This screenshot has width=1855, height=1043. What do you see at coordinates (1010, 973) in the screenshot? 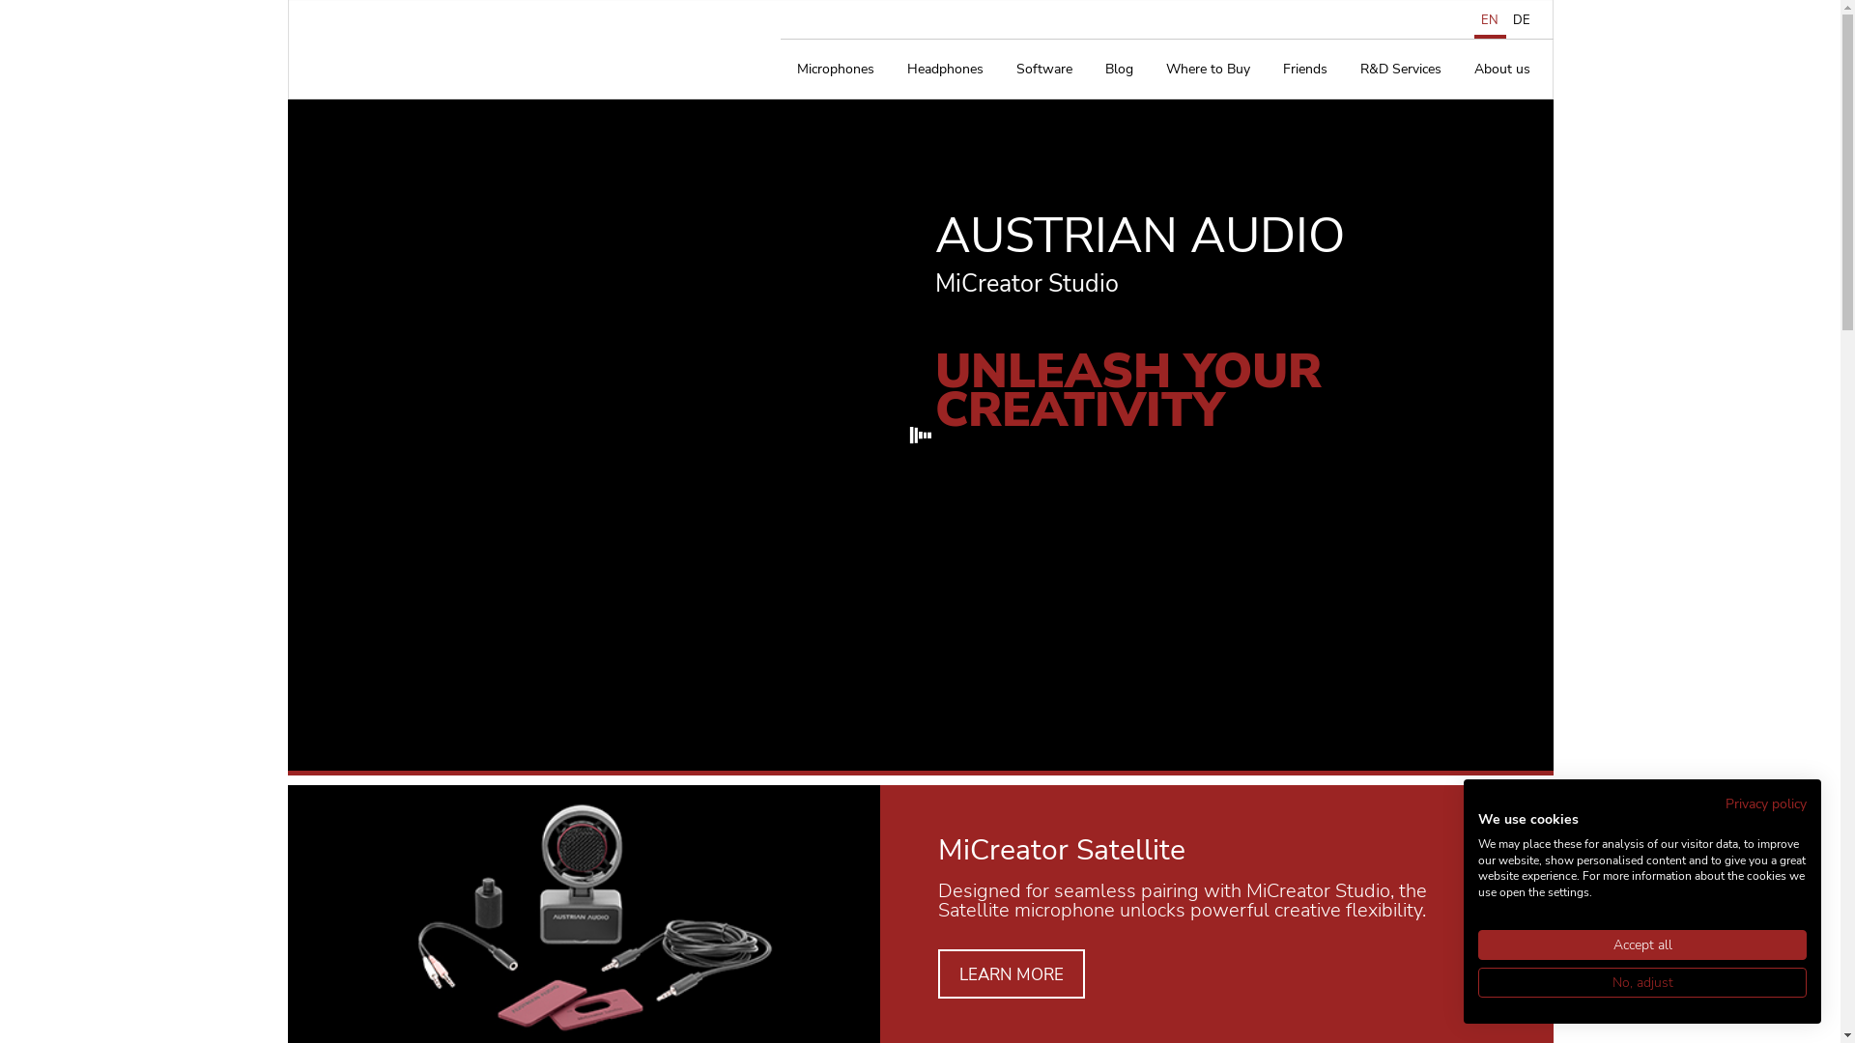
I see `'LEARN MORE'` at bounding box center [1010, 973].